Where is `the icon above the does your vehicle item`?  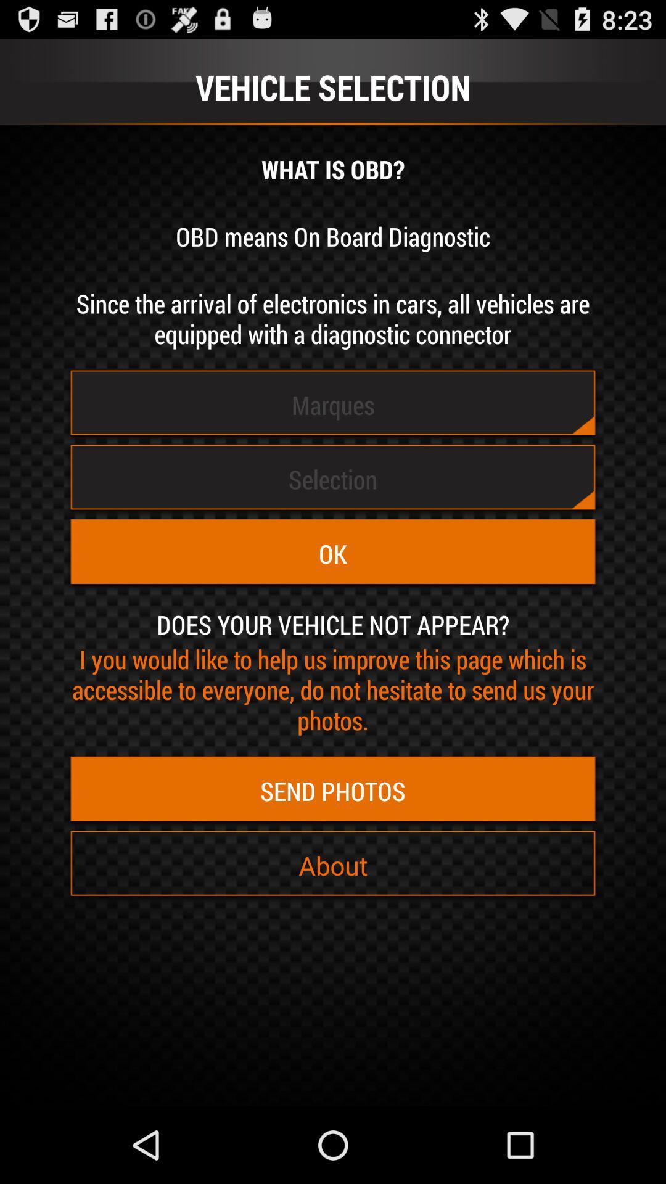
the icon above the does your vehicle item is located at coordinates (333, 553).